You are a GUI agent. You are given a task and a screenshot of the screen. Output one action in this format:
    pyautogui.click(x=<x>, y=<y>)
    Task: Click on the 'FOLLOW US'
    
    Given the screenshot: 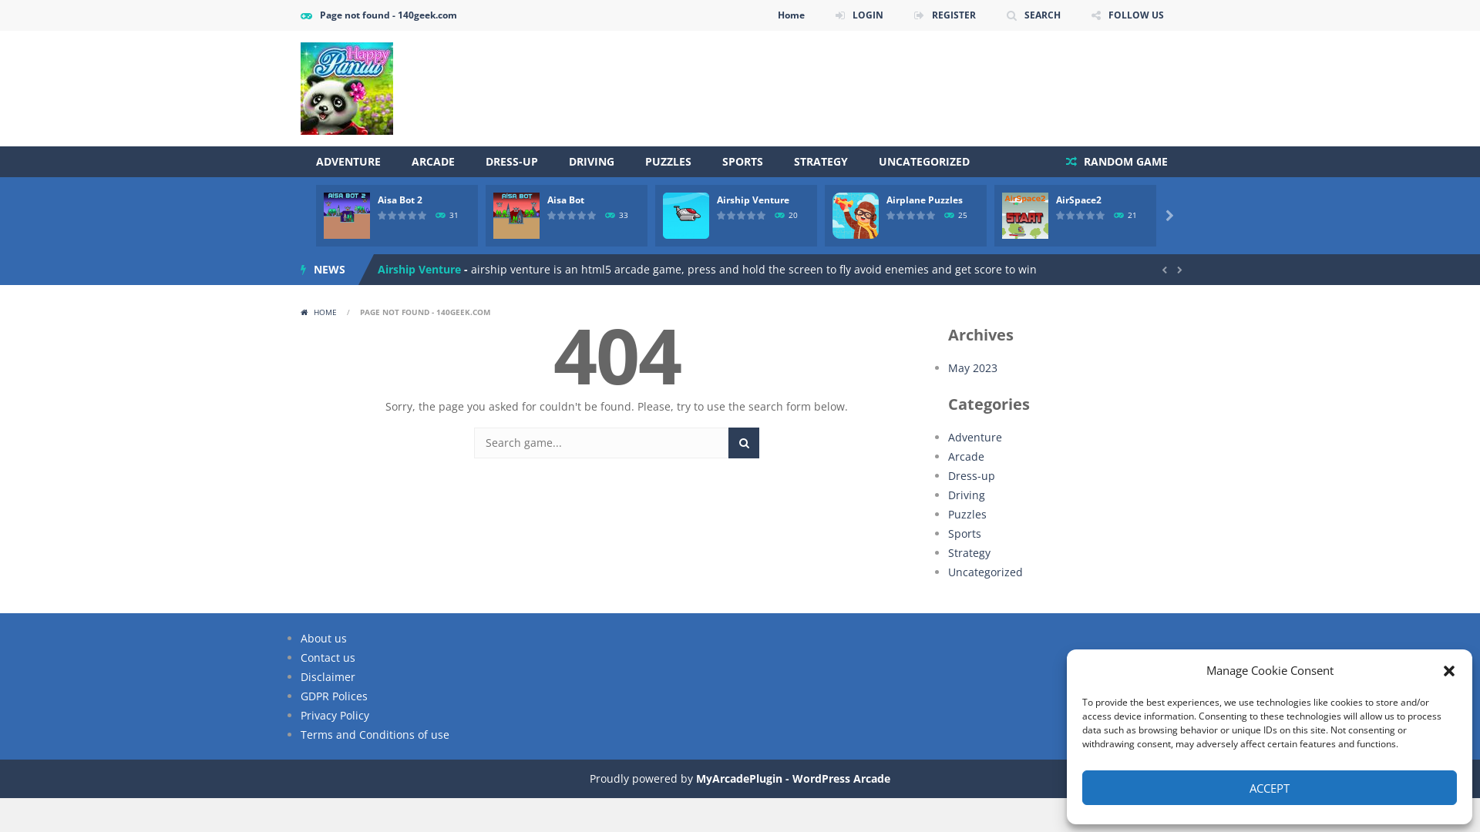 What is the action you would take?
    pyautogui.click(x=1128, y=15)
    